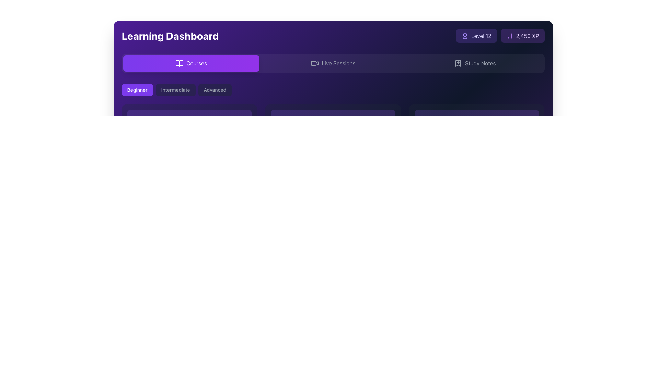  What do you see at coordinates (137, 89) in the screenshot?
I see `the 'Beginner' level button, which is the first button in its group located at the top left` at bounding box center [137, 89].